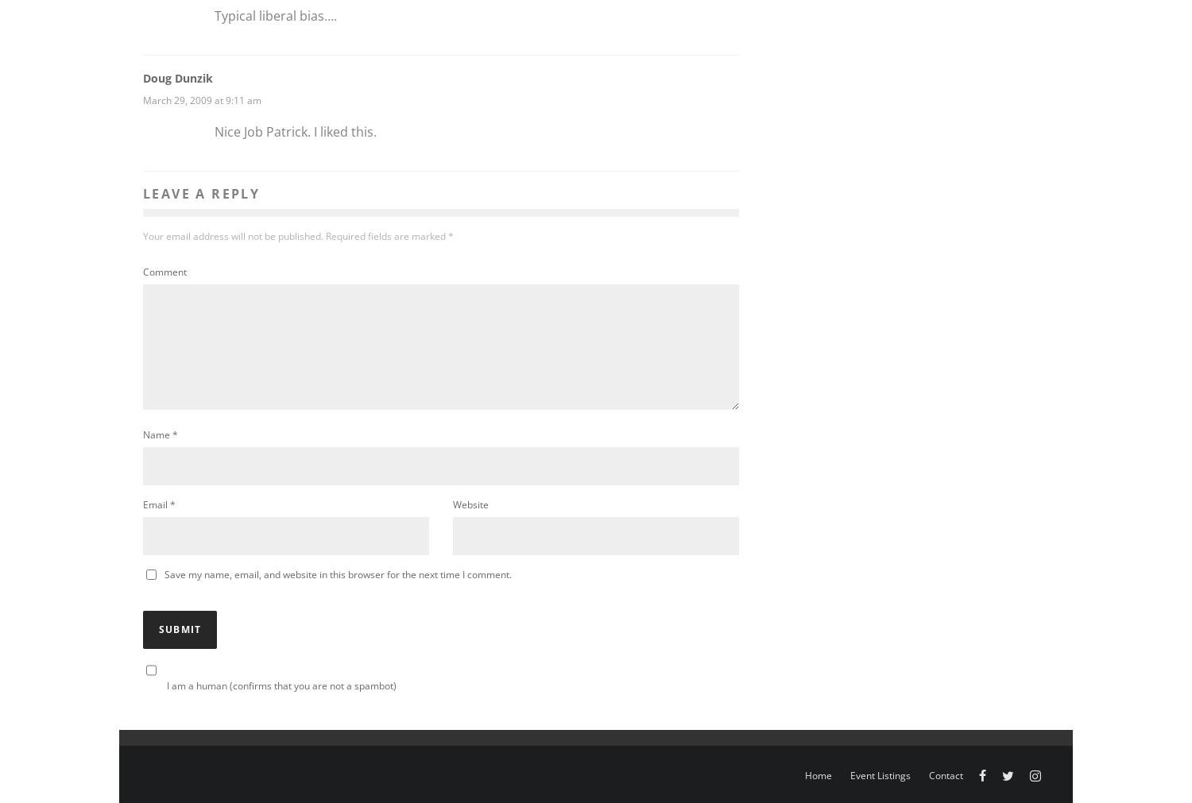  Describe the element at coordinates (164, 270) in the screenshot. I see `'Comment'` at that location.